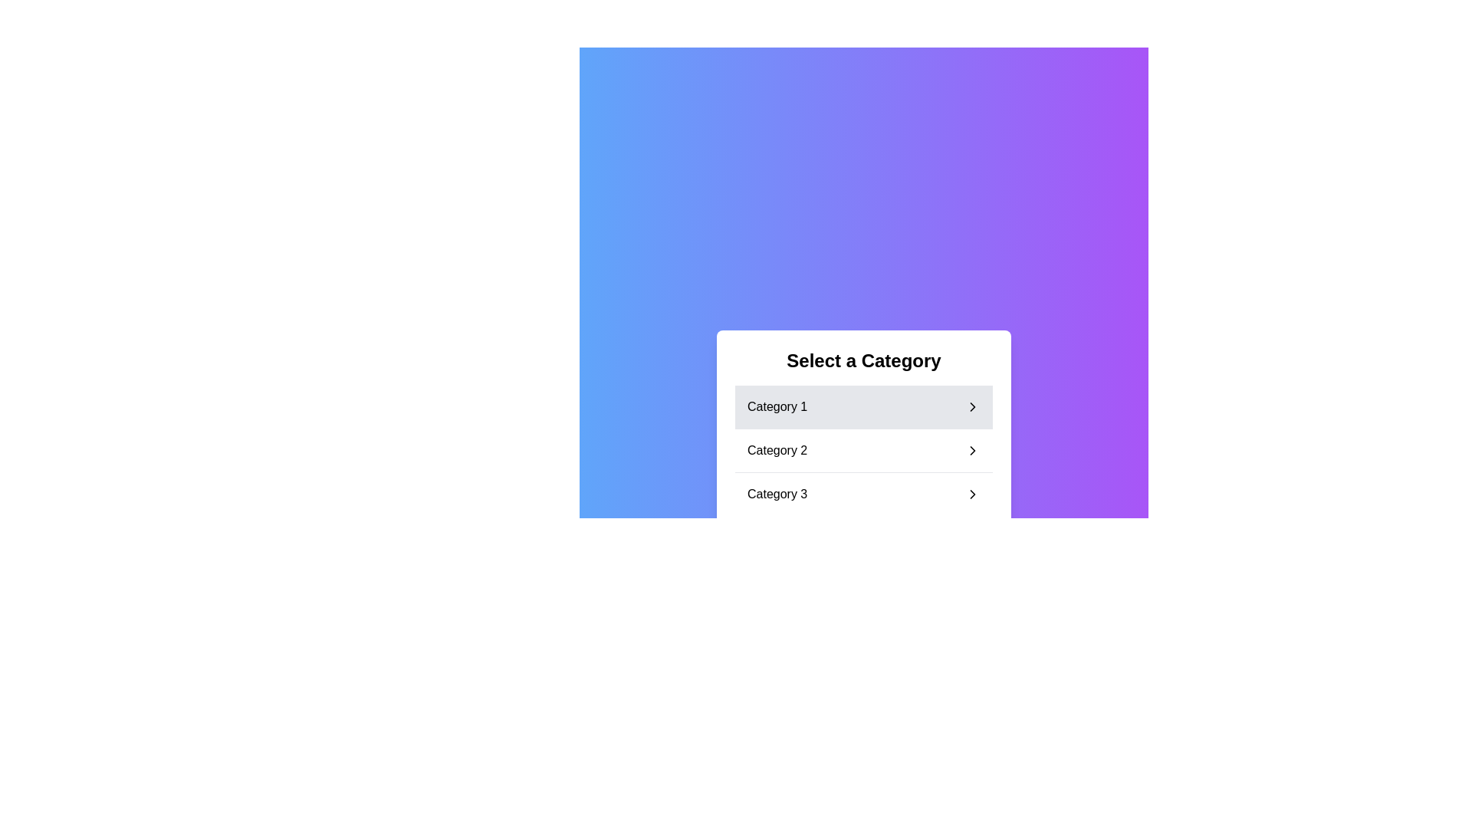 Image resolution: width=1472 pixels, height=828 pixels. Describe the element at coordinates (777, 494) in the screenshot. I see `'Category 3' text label, which is a selectable menu item located in a vertical menu below 'Category 2'` at that location.